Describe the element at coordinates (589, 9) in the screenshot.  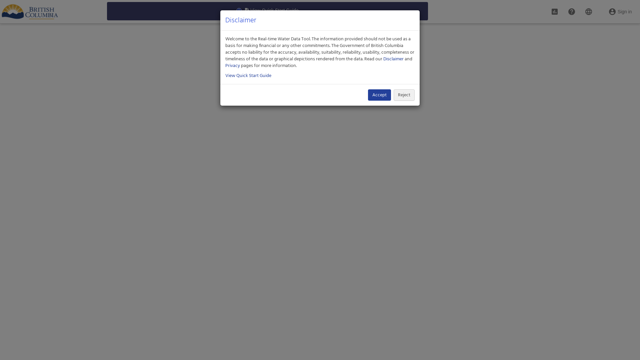
I see `'language'` at that location.